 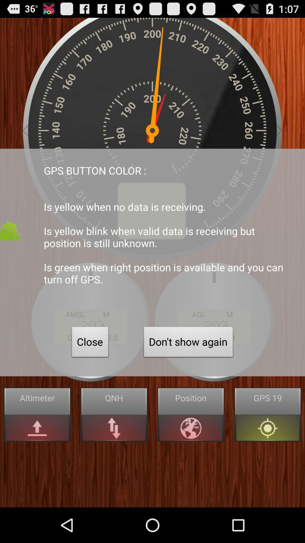 I want to click on the item to the right of the close icon, so click(x=188, y=343).